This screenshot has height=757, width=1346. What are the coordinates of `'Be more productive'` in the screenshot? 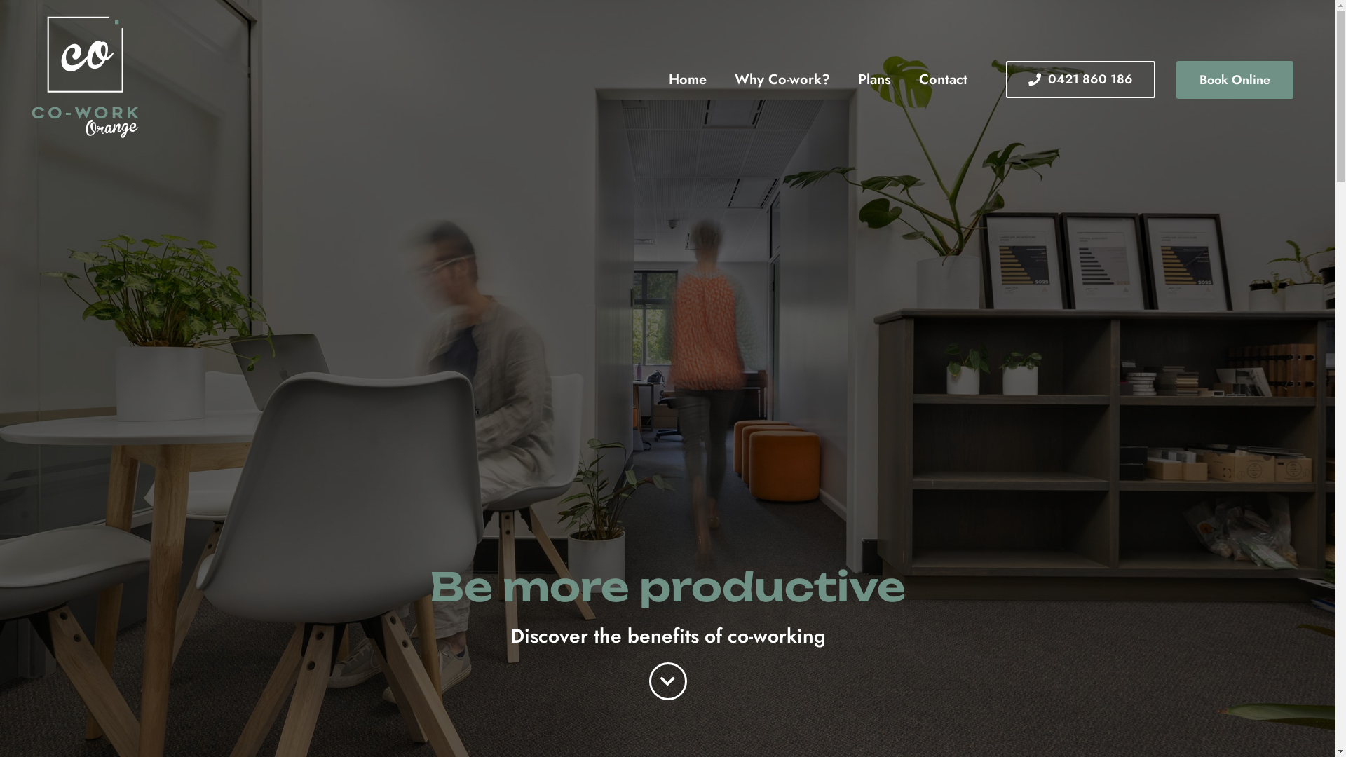 It's located at (667, 587).